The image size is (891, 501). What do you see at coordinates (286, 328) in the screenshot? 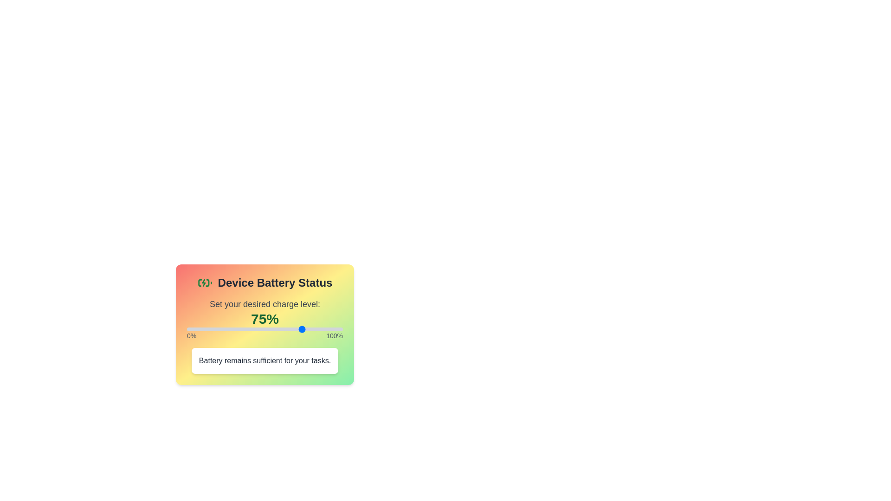
I see `the slider to 64% by dragging or clicking` at bounding box center [286, 328].